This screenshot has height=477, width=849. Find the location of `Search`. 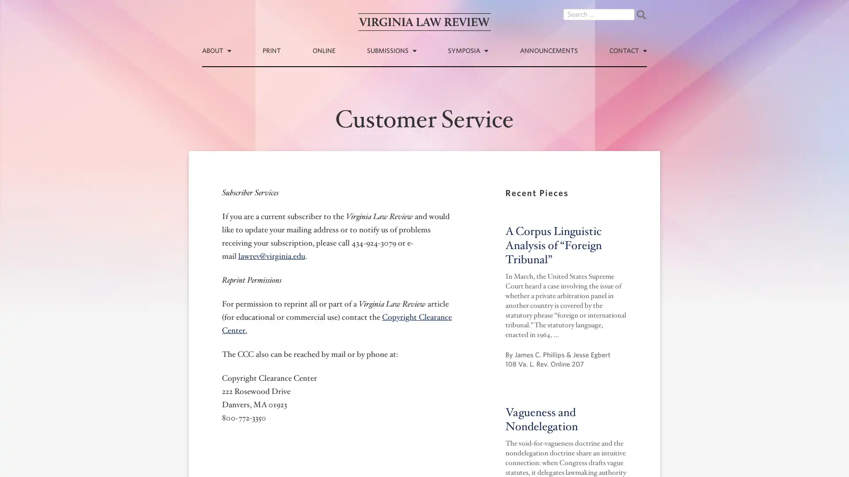

Search is located at coordinates (641, 15).